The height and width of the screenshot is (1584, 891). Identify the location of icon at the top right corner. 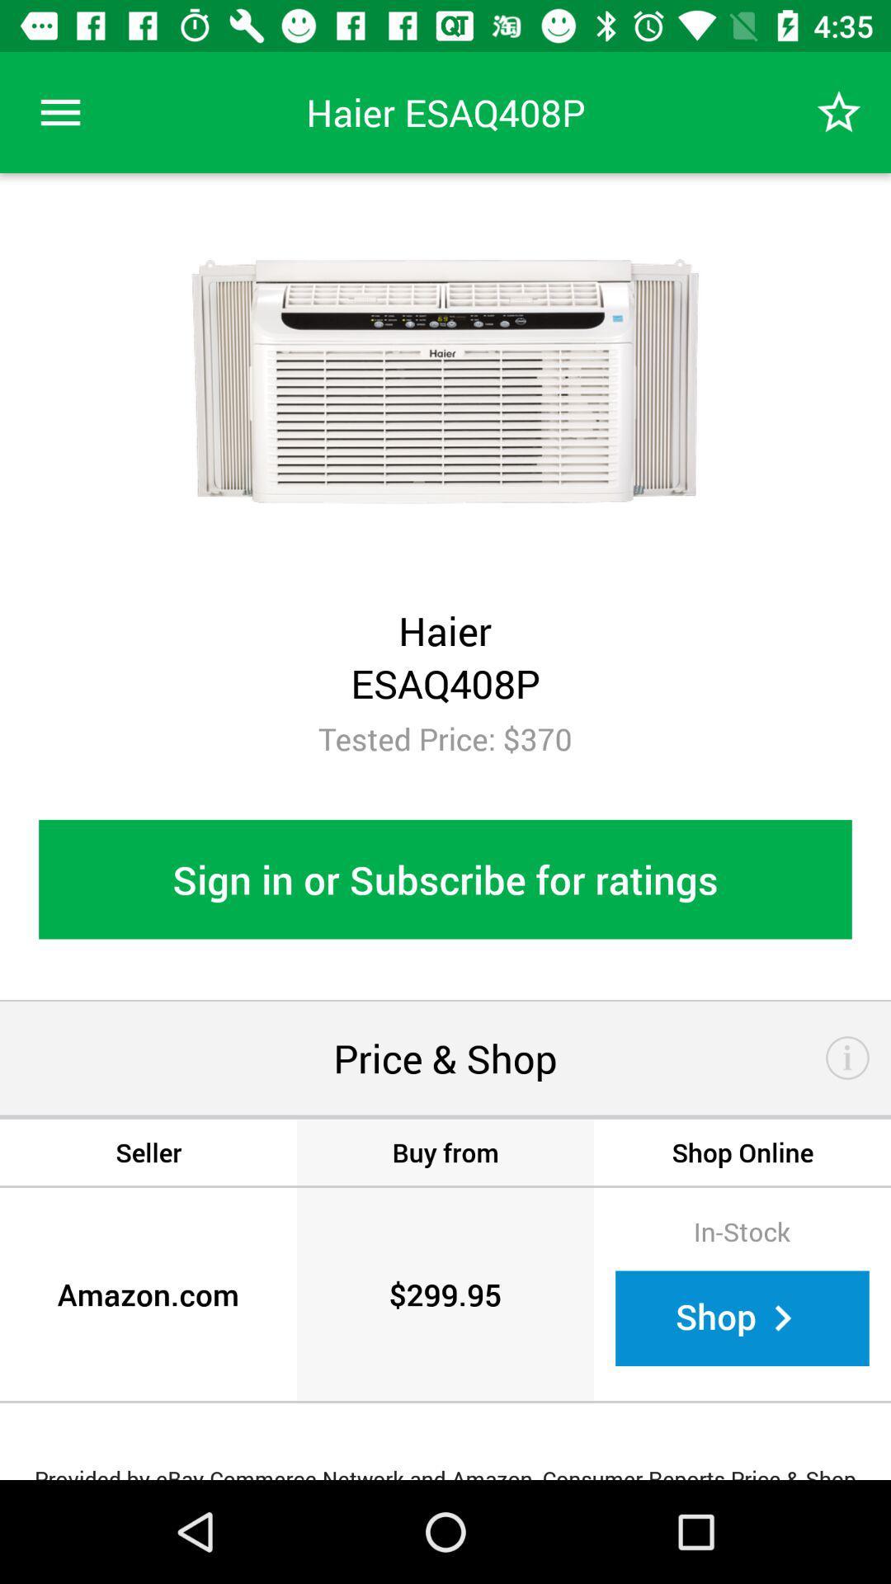
(839, 111).